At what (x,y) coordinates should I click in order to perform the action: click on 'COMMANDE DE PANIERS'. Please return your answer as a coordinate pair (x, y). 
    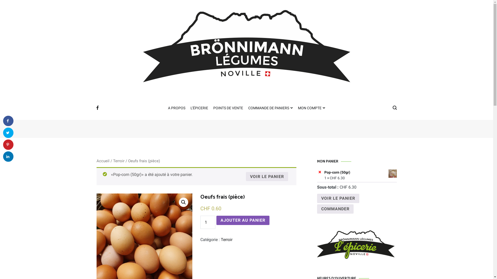
    Looking at the image, I should click on (270, 108).